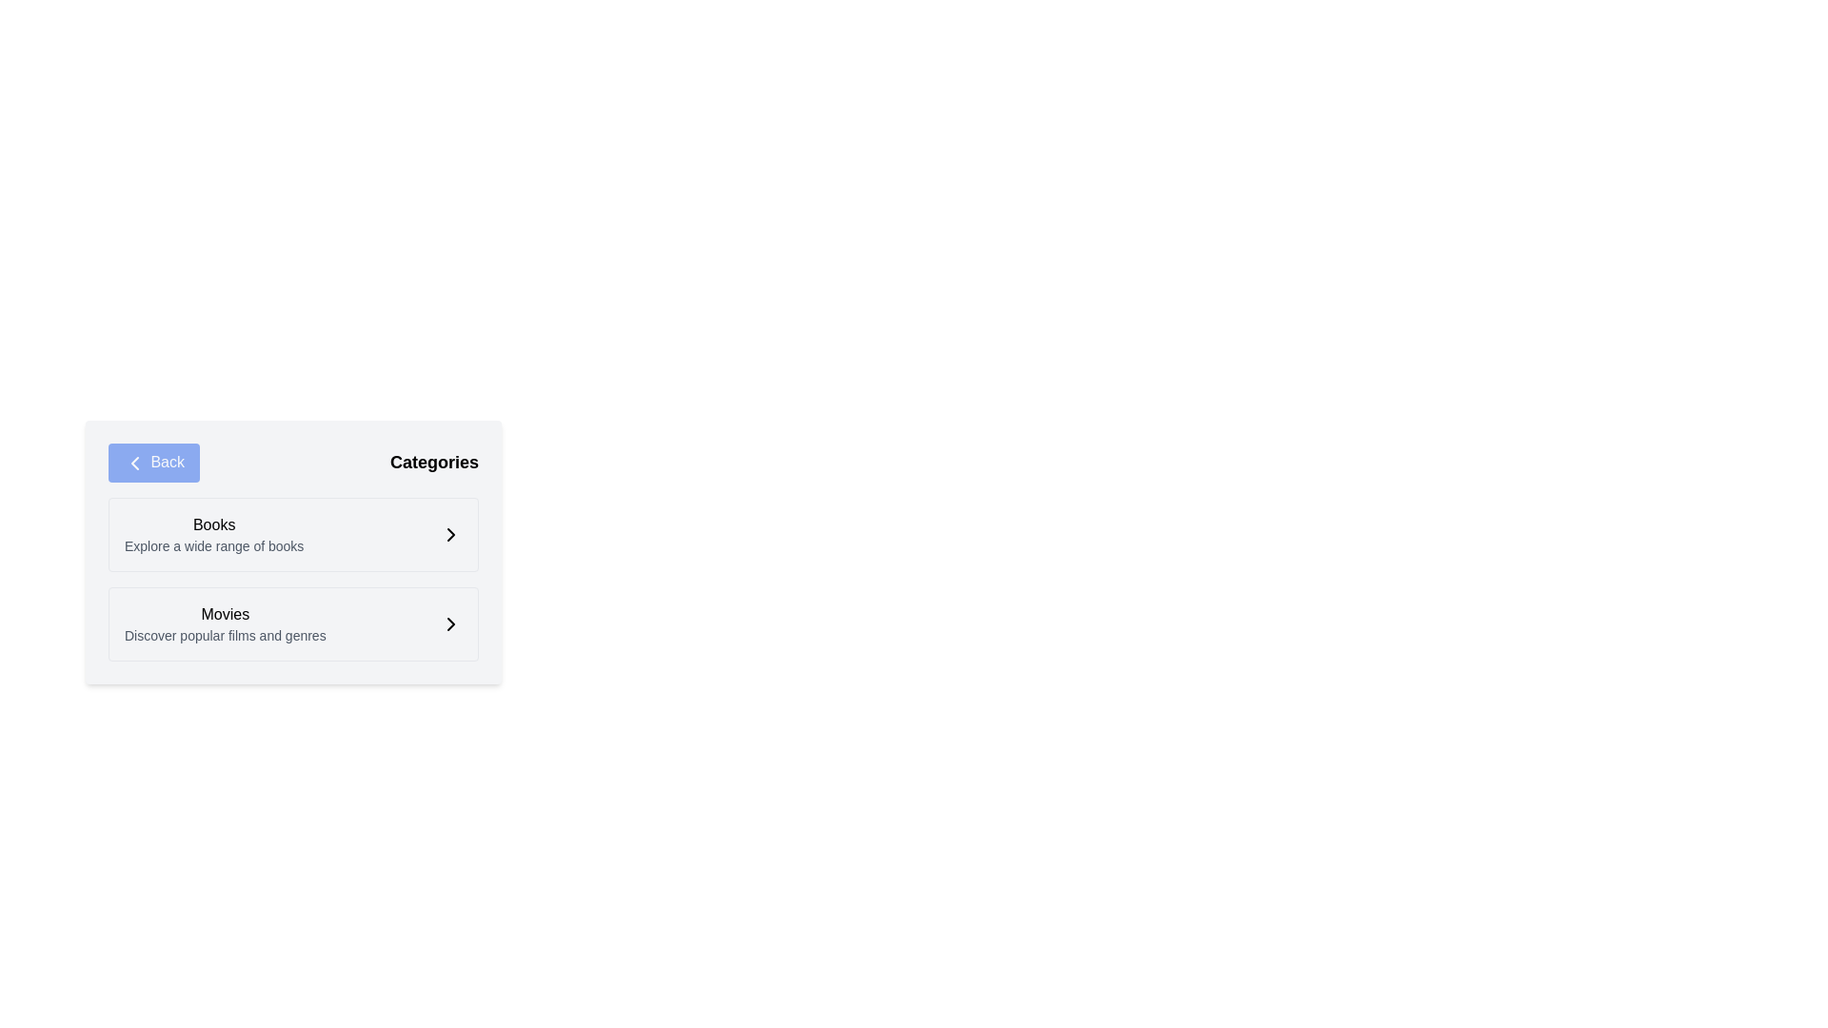 This screenshot has width=1828, height=1028. I want to click on the informational text block indicating the 'Books' category, so click(214, 534).